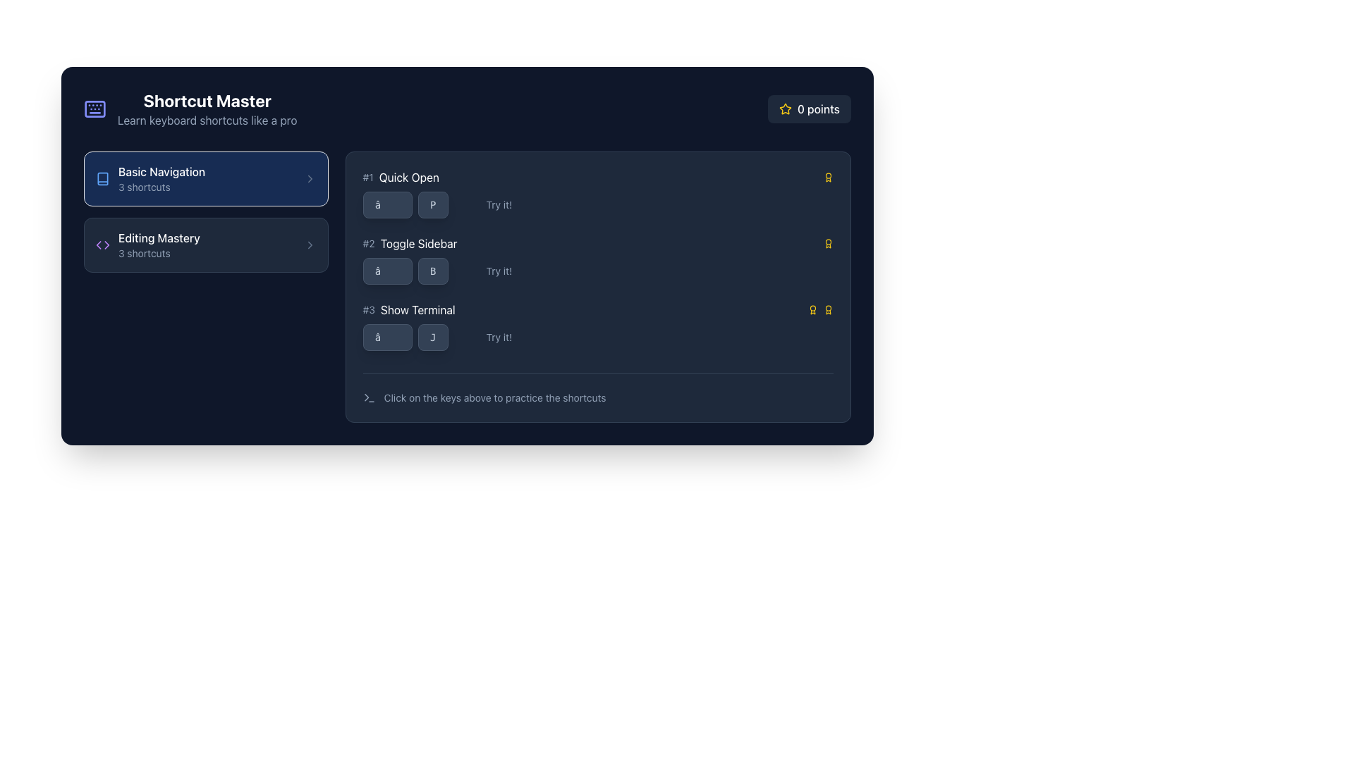 The width and height of the screenshot is (1354, 761). Describe the element at coordinates (369, 243) in the screenshot. I see `the text label indicating the second item in a sequence, located to the left of 'Toggle Sidebar' in the upper right section of the window` at that location.